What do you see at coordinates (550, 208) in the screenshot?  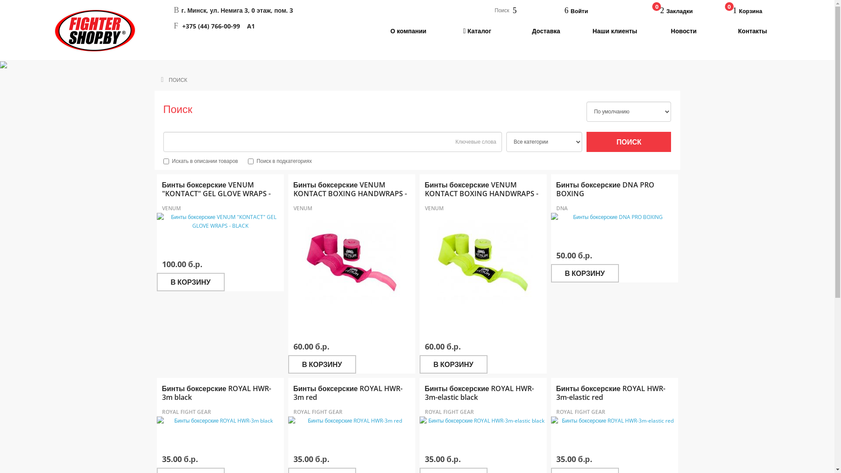 I see `'DNA'` at bounding box center [550, 208].